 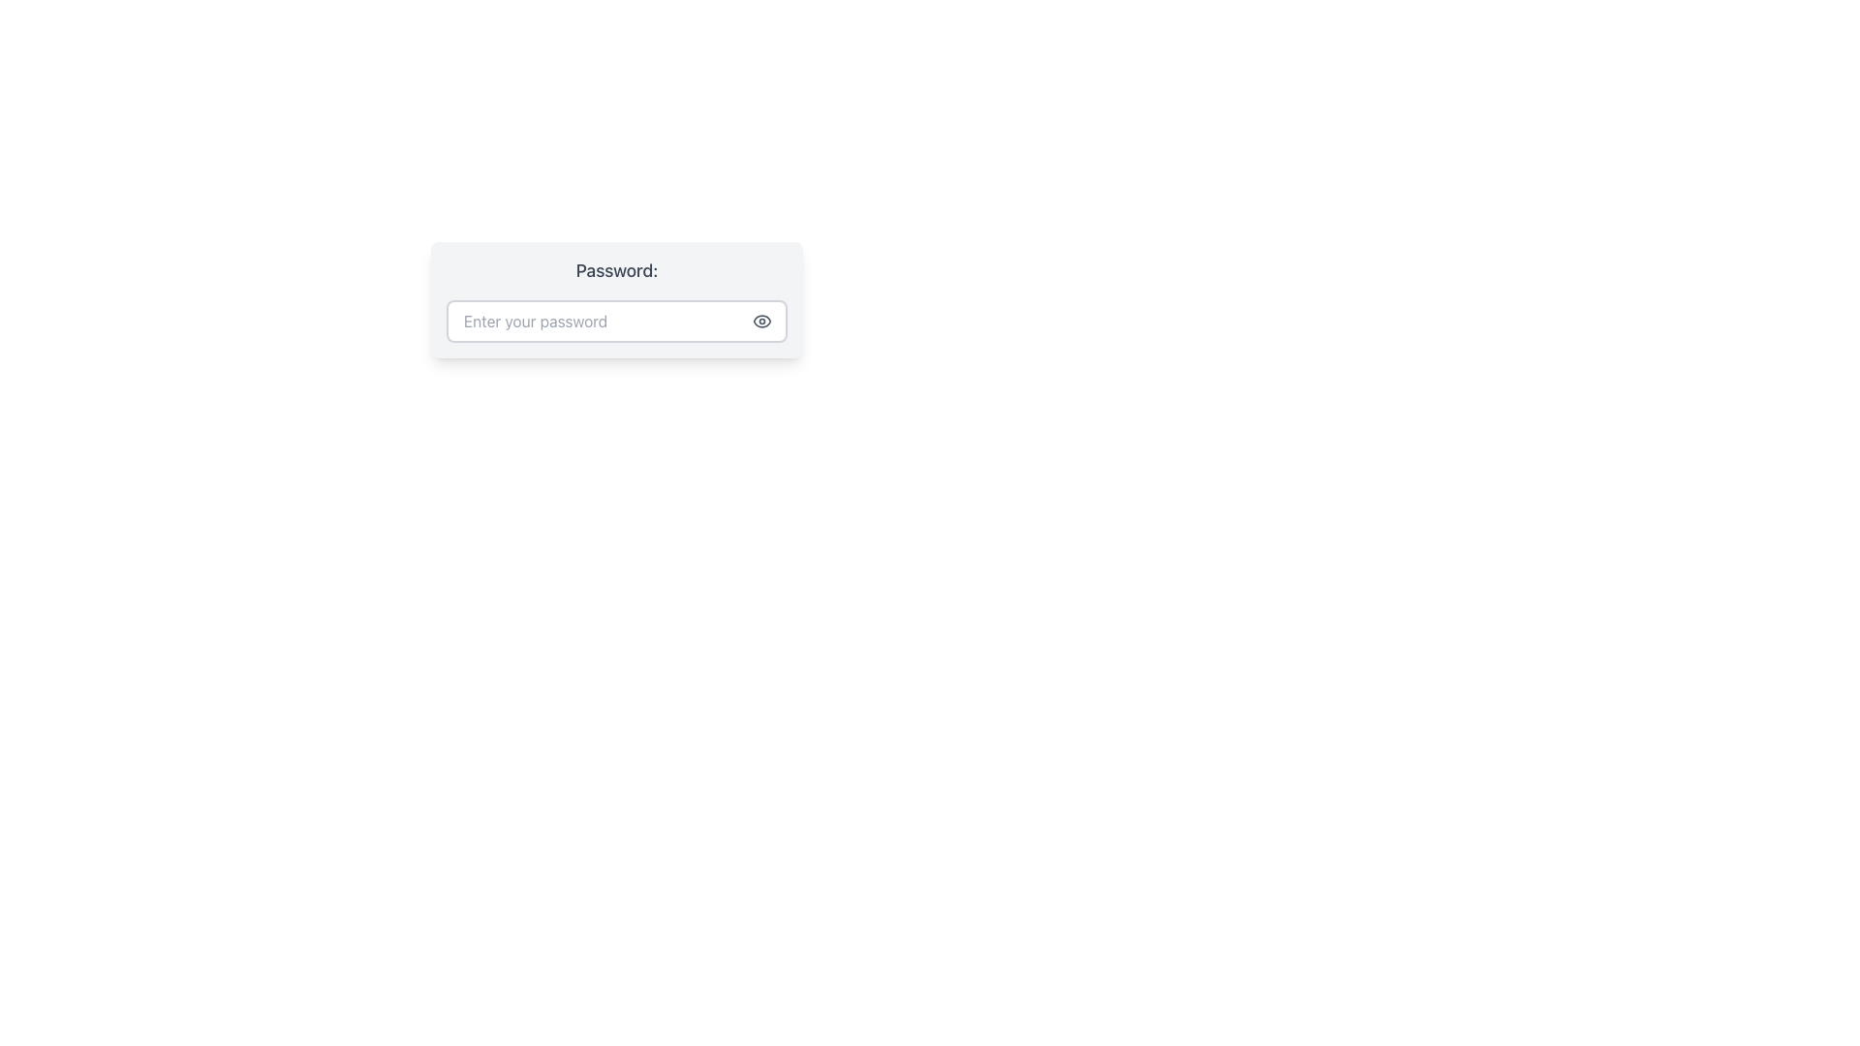 I want to click on the input field of the Text Input Field labeled 'Password:' to focus on it, so click(x=616, y=299).